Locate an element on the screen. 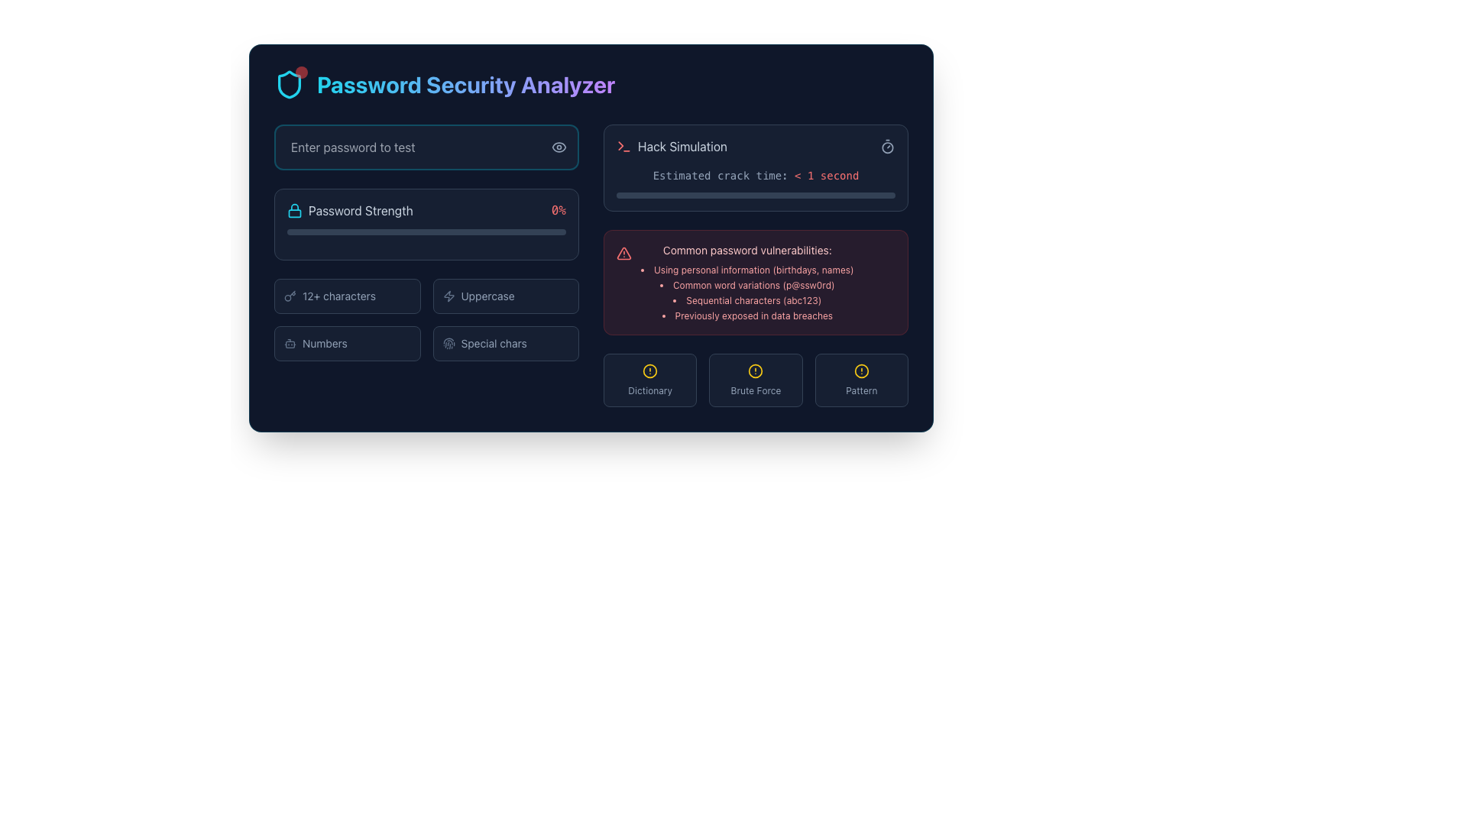 The image size is (1467, 825). timer icon located in the upper-right corner of the 'Hack Simulation' section, which indicates the estimated crack time and is adjacent to the text 'Estimated crack time: < 1 second' is located at coordinates (887, 147).